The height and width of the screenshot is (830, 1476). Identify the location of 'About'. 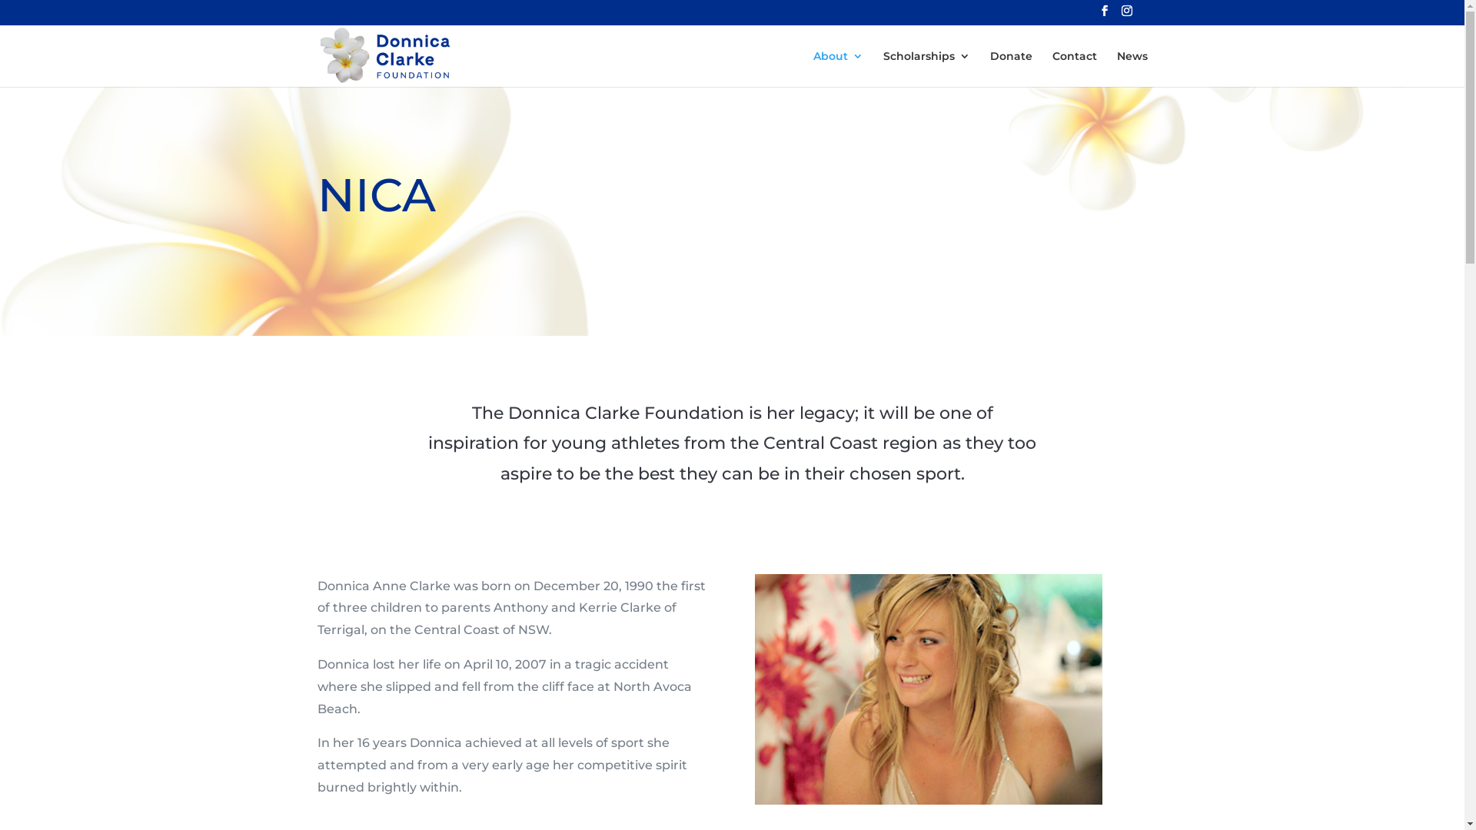
(837, 68).